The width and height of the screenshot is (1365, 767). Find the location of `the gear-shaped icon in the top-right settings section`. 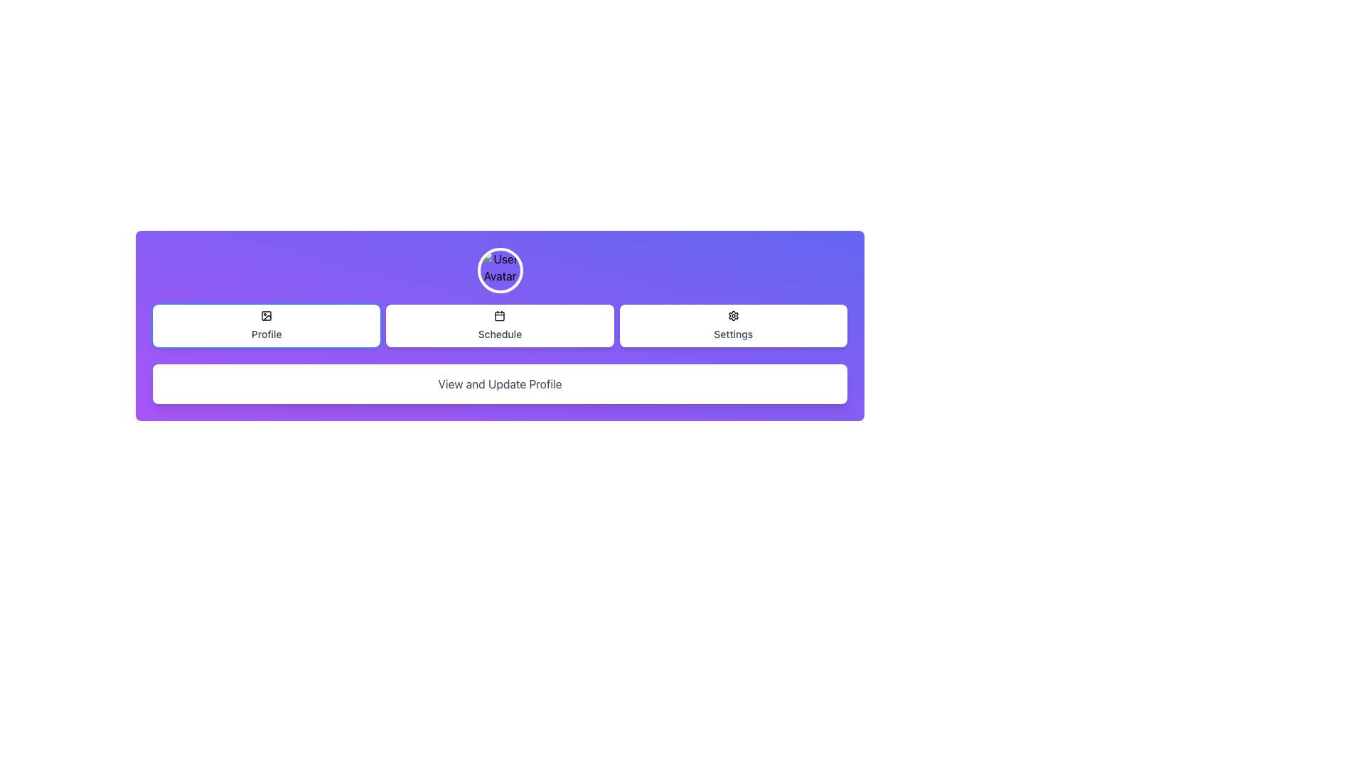

the gear-shaped icon in the top-right settings section is located at coordinates (733, 315).